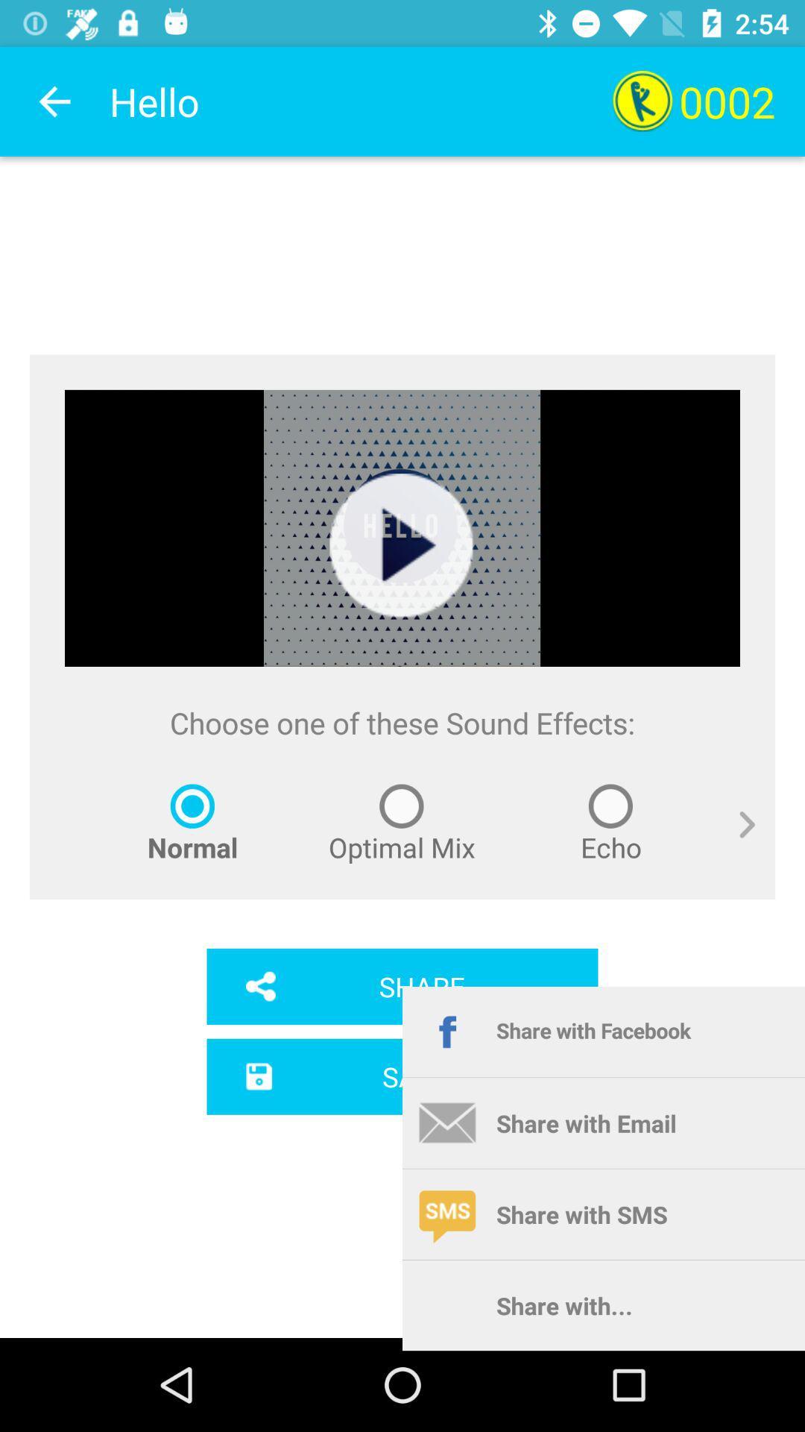 The width and height of the screenshot is (805, 1432). Describe the element at coordinates (735, 841) in the screenshot. I see `the arrow_forward icon` at that location.